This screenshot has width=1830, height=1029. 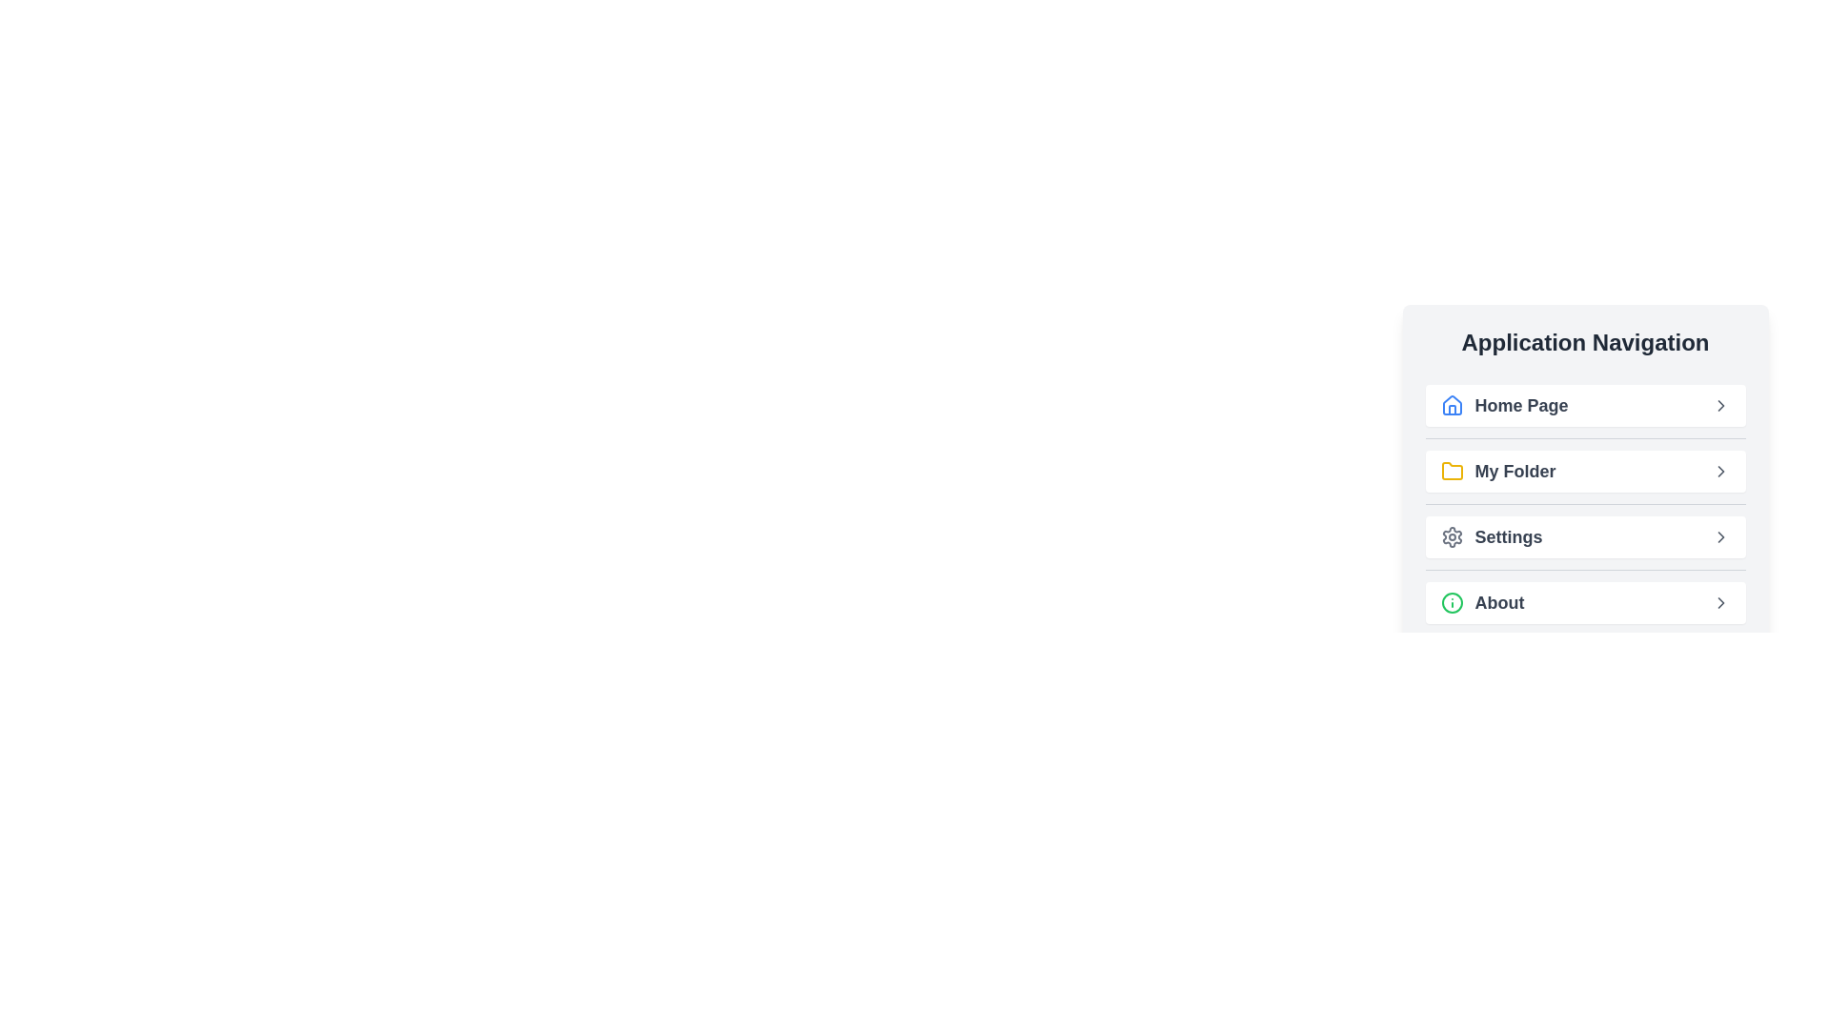 What do you see at coordinates (1720, 602) in the screenshot?
I see `the Chevron Right icon located on the far right edge of the 'About' navigation entry, which indicates additional content or a new page` at bounding box center [1720, 602].